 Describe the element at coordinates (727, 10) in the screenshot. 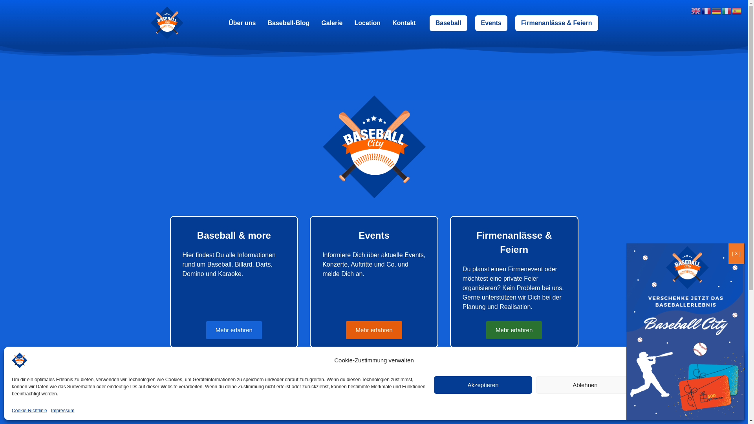

I see `'Italian'` at that location.